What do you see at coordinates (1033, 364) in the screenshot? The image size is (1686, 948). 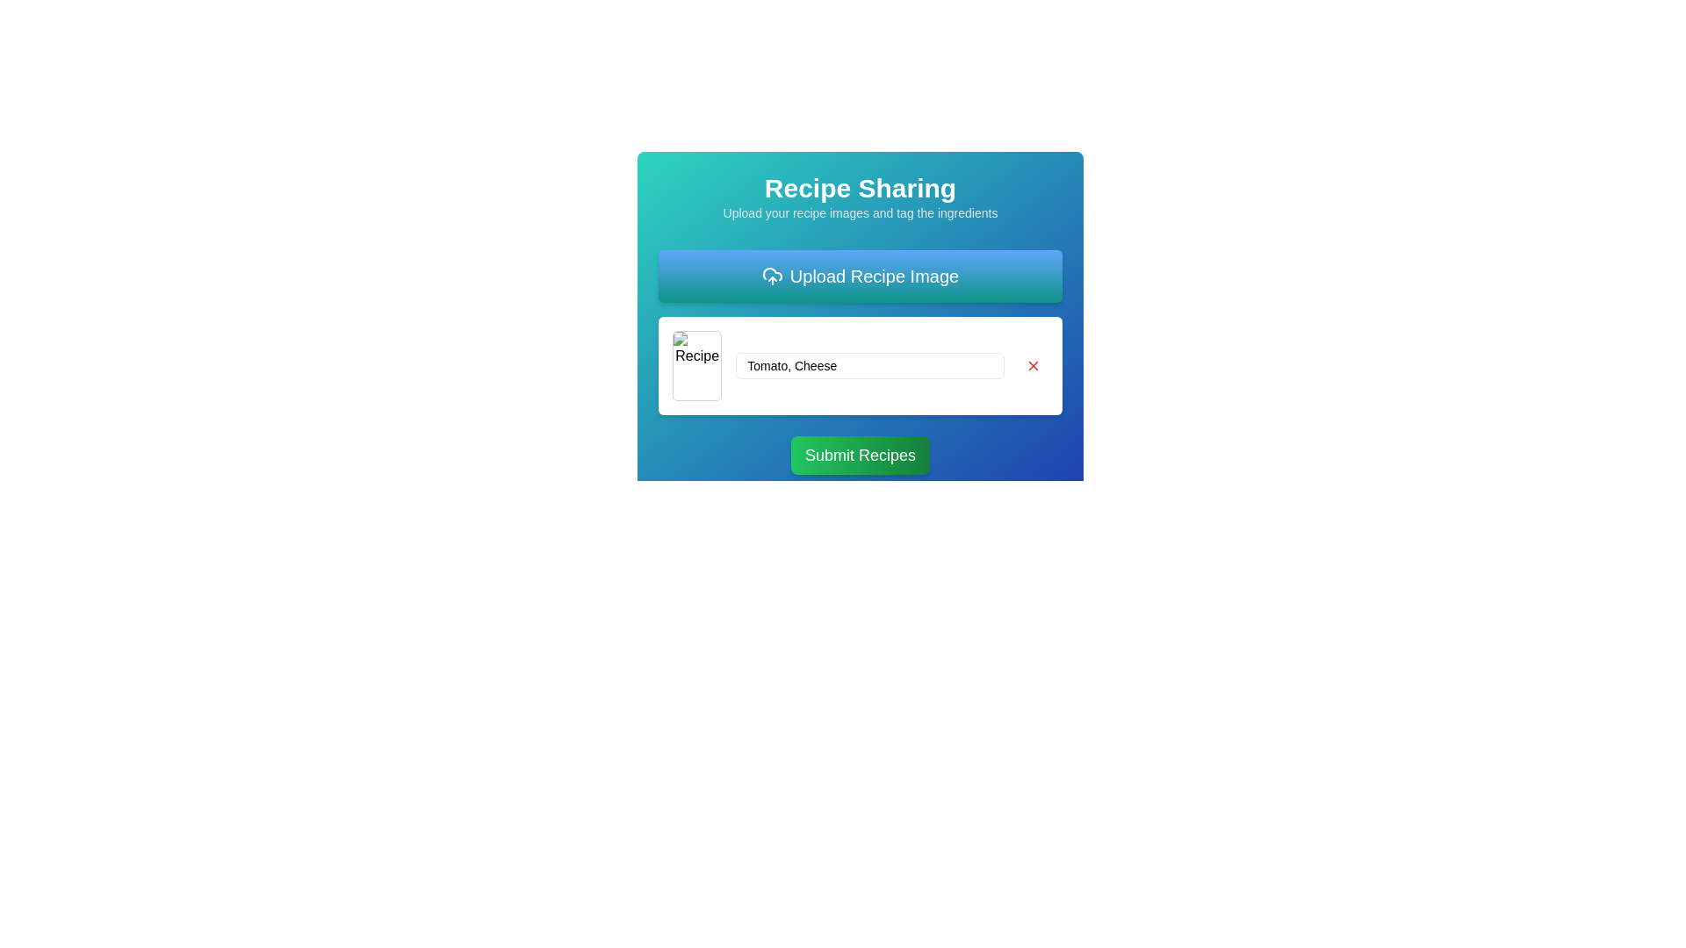 I see `the red 'X'-shaped icon button` at bounding box center [1033, 364].